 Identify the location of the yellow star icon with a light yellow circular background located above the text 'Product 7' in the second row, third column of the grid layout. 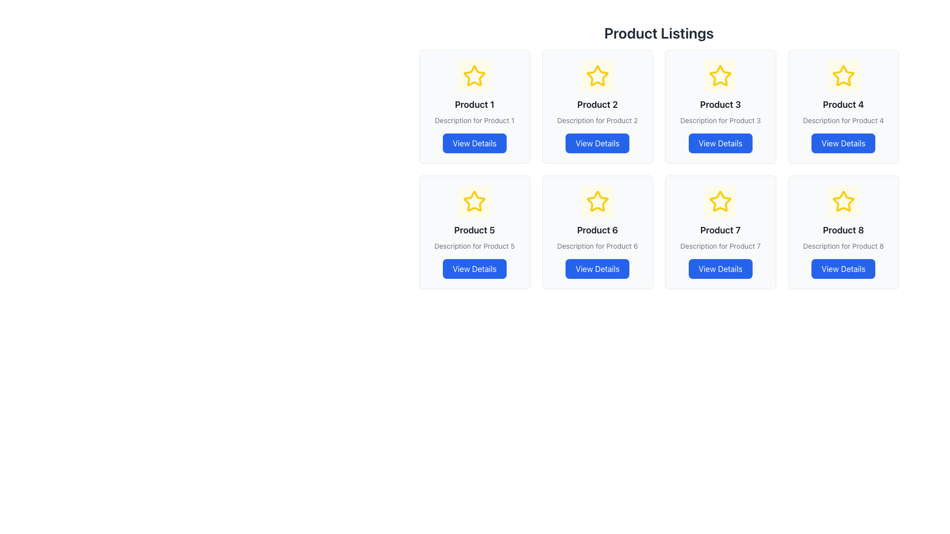
(720, 201).